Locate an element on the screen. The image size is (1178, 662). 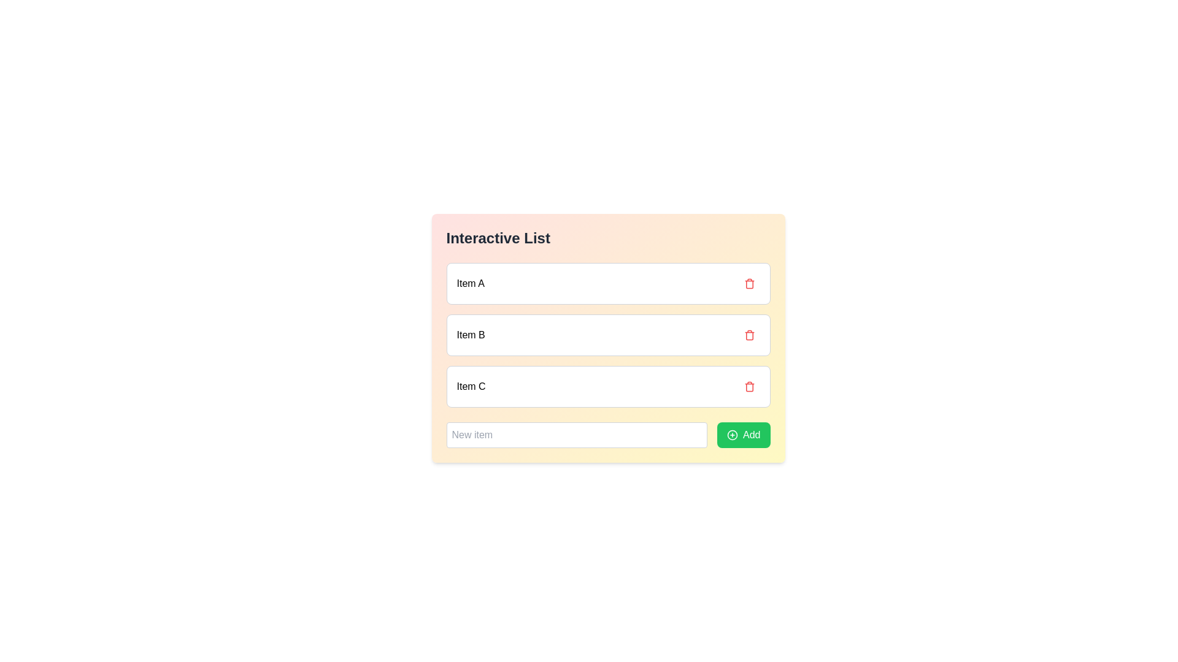
the delete button located on the far right of the 'Item A' row is located at coordinates (749, 283).